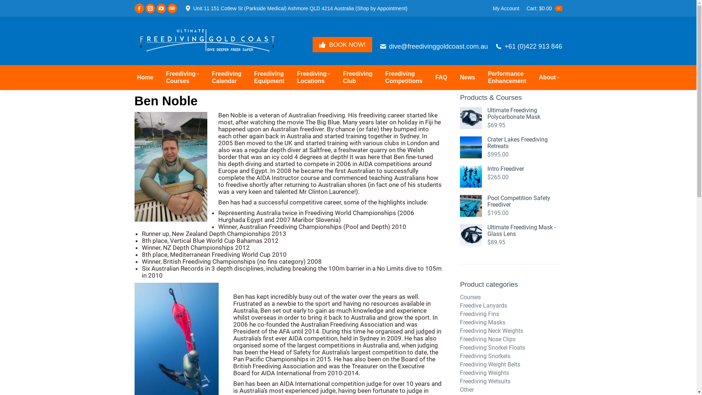 This screenshot has height=395, width=702. I want to click on 'Freediving Masks', so click(483, 322).